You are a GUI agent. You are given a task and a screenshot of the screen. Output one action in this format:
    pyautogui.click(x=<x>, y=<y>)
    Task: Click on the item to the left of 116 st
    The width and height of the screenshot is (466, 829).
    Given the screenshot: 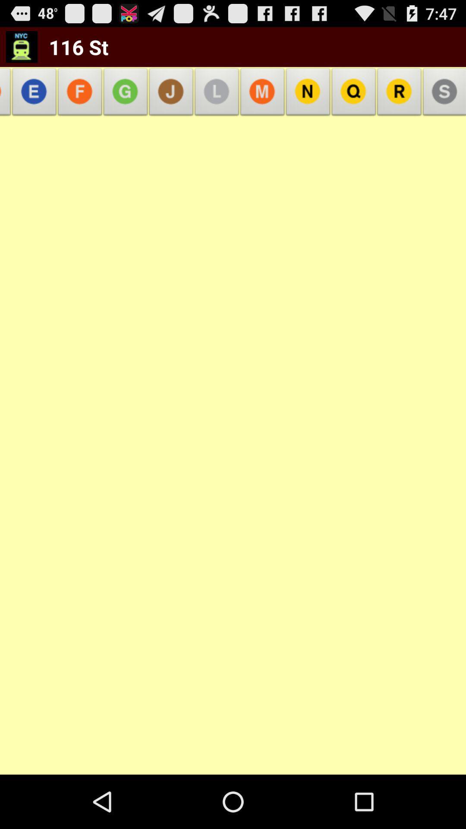 What is the action you would take?
    pyautogui.click(x=7, y=94)
    